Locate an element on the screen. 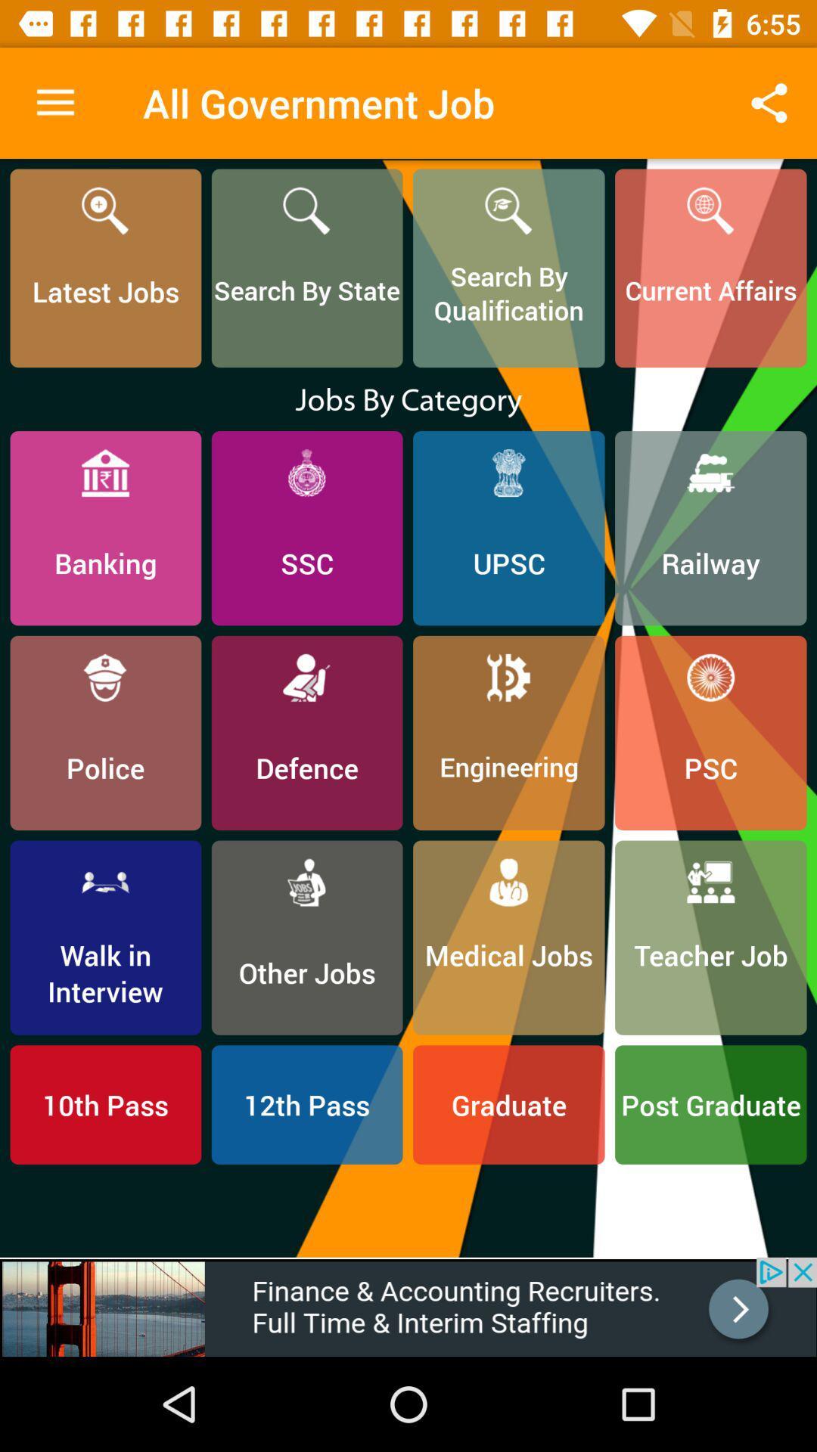  adiveristment is located at coordinates (408, 1306).